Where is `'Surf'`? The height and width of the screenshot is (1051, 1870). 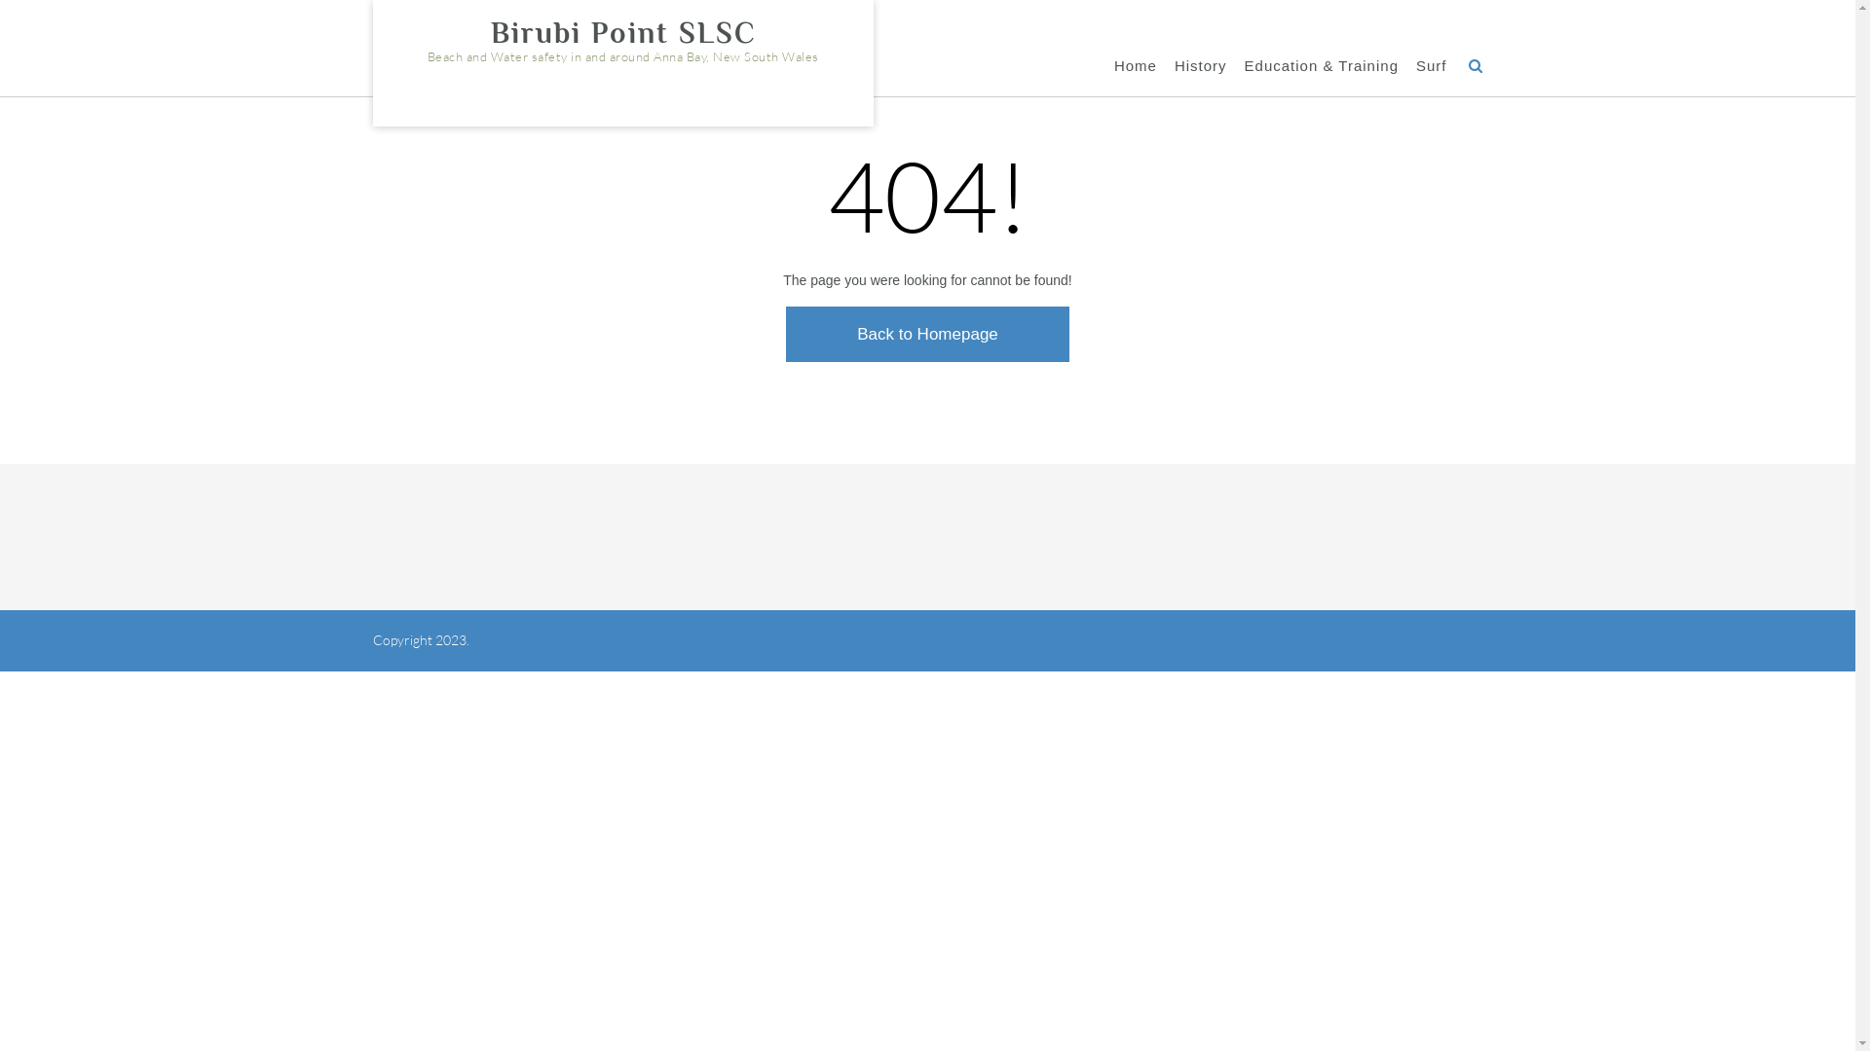 'Surf' is located at coordinates (1431, 65).